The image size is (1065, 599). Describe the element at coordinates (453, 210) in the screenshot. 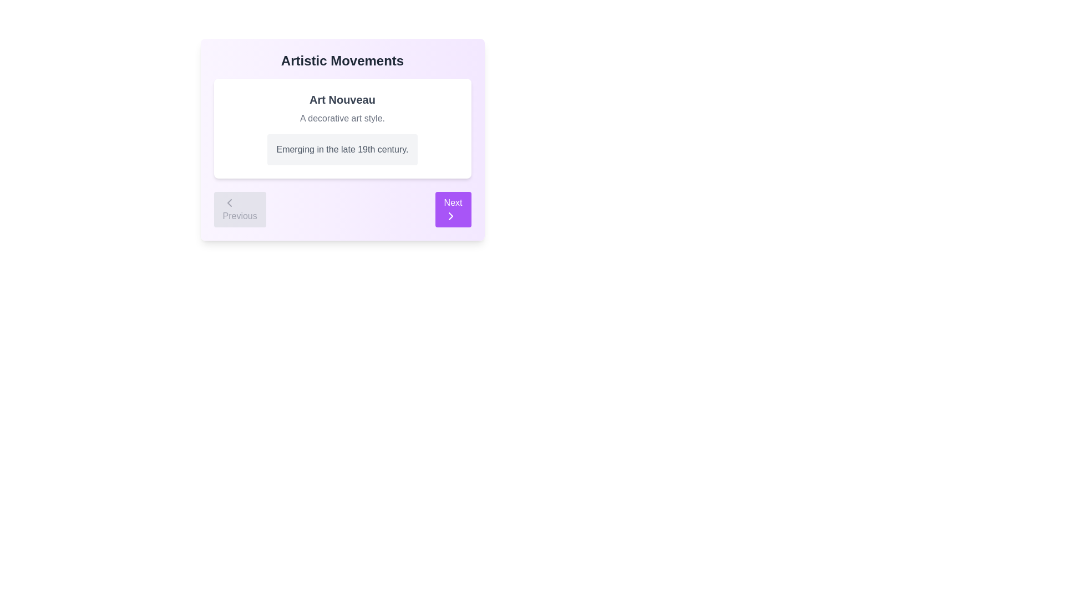

I see `the Next button to navigate through concepts` at that location.